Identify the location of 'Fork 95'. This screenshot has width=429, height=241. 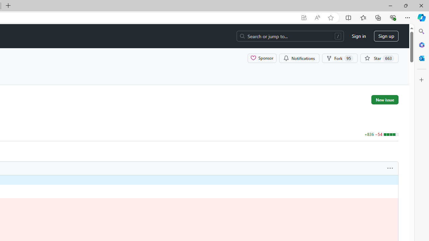
(340, 58).